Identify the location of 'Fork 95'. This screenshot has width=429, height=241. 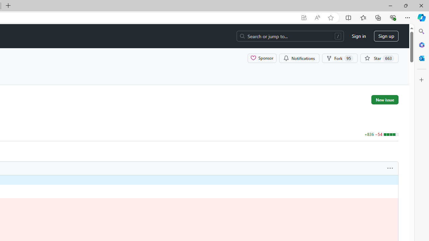
(340, 58).